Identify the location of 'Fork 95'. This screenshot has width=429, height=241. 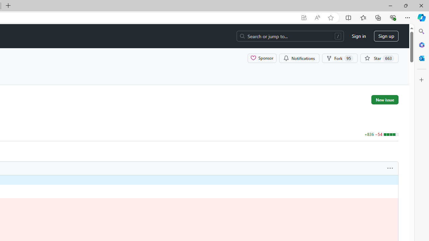
(340, 58).